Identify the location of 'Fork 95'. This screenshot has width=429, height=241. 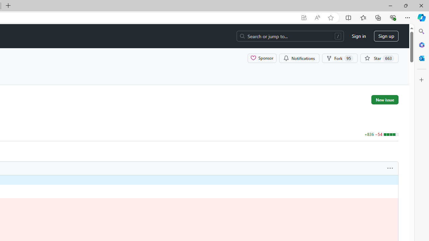
(340, 58).